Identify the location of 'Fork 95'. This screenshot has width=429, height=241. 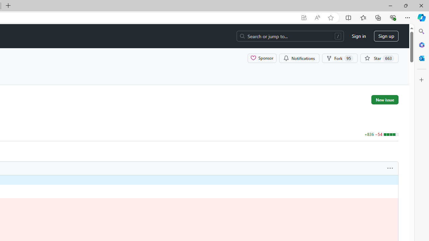
(340, 58).